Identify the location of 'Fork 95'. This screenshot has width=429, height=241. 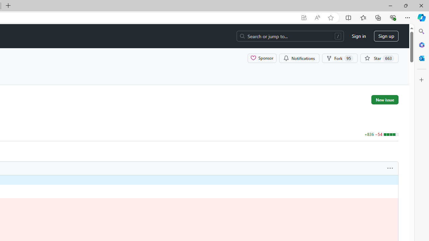
(340, 58).